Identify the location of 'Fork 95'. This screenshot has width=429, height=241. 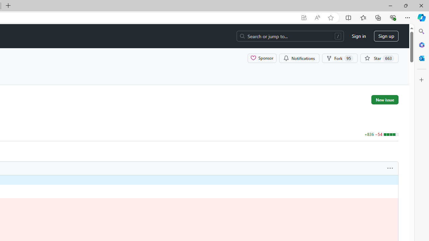
(340, 58).